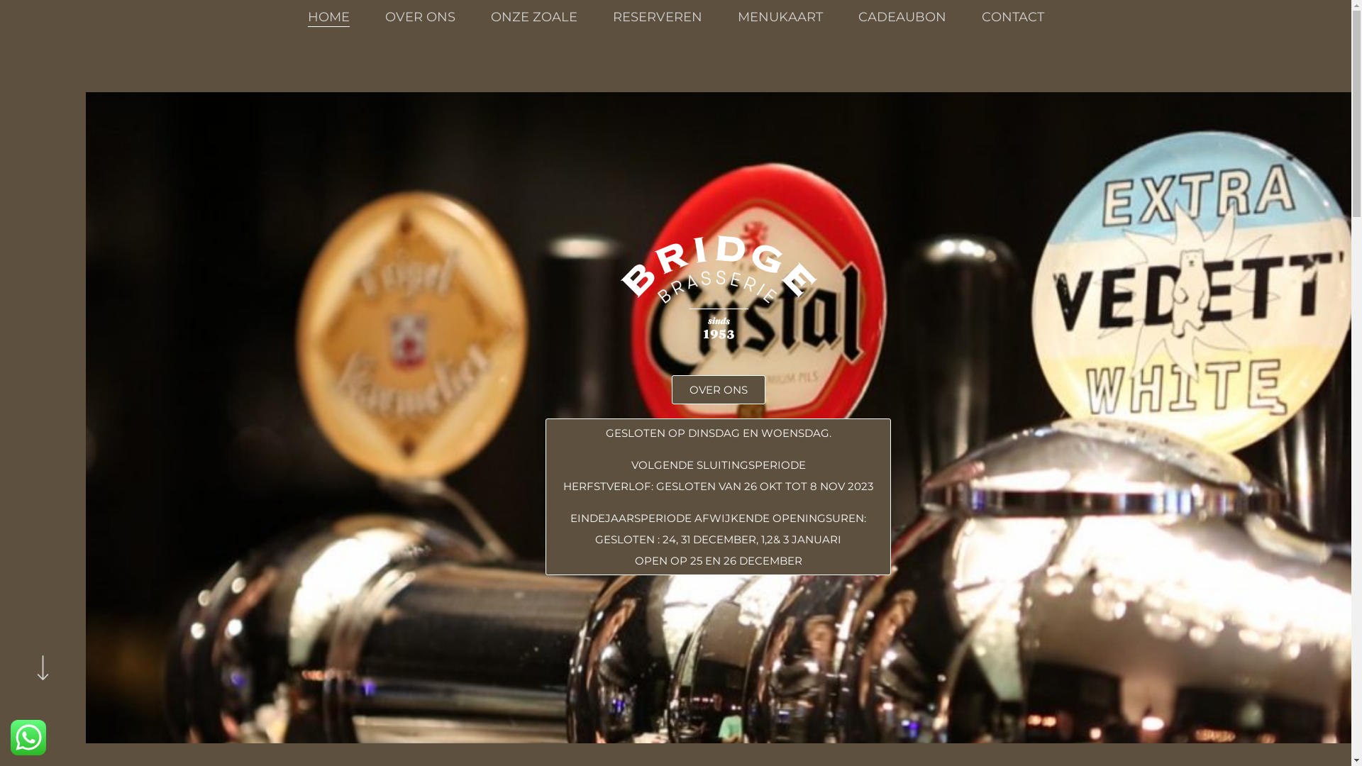  I want to click on 'MENUKAART', so click(779, 16).